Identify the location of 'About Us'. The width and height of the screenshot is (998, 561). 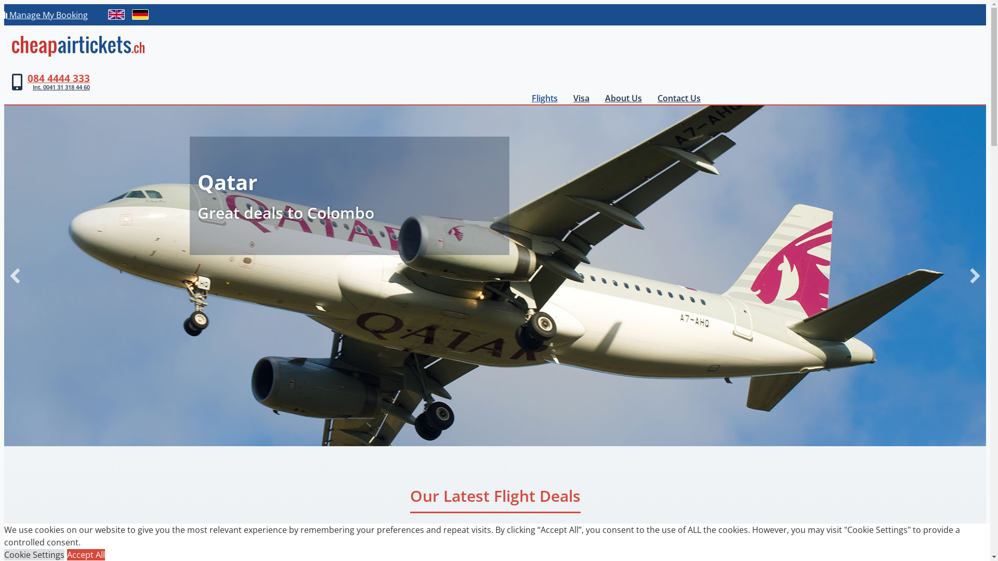
(597, 98).